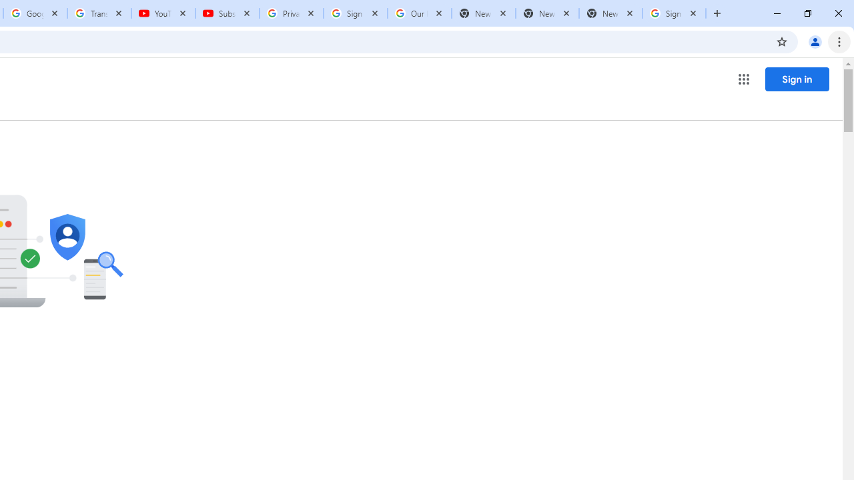 This screenshot has height=480, width=854. I want to click on 'Minimize', so click(777, 13).